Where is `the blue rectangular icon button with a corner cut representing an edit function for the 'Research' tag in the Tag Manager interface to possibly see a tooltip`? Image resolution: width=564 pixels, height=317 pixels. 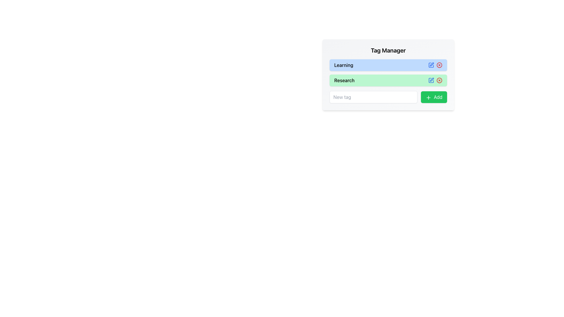
the blue rectangular icon button with a corner cut representing an edit function for the 'Research' tag in the Tag Manager interface to possibly see a tooltip is located at coordinates (431, 80).